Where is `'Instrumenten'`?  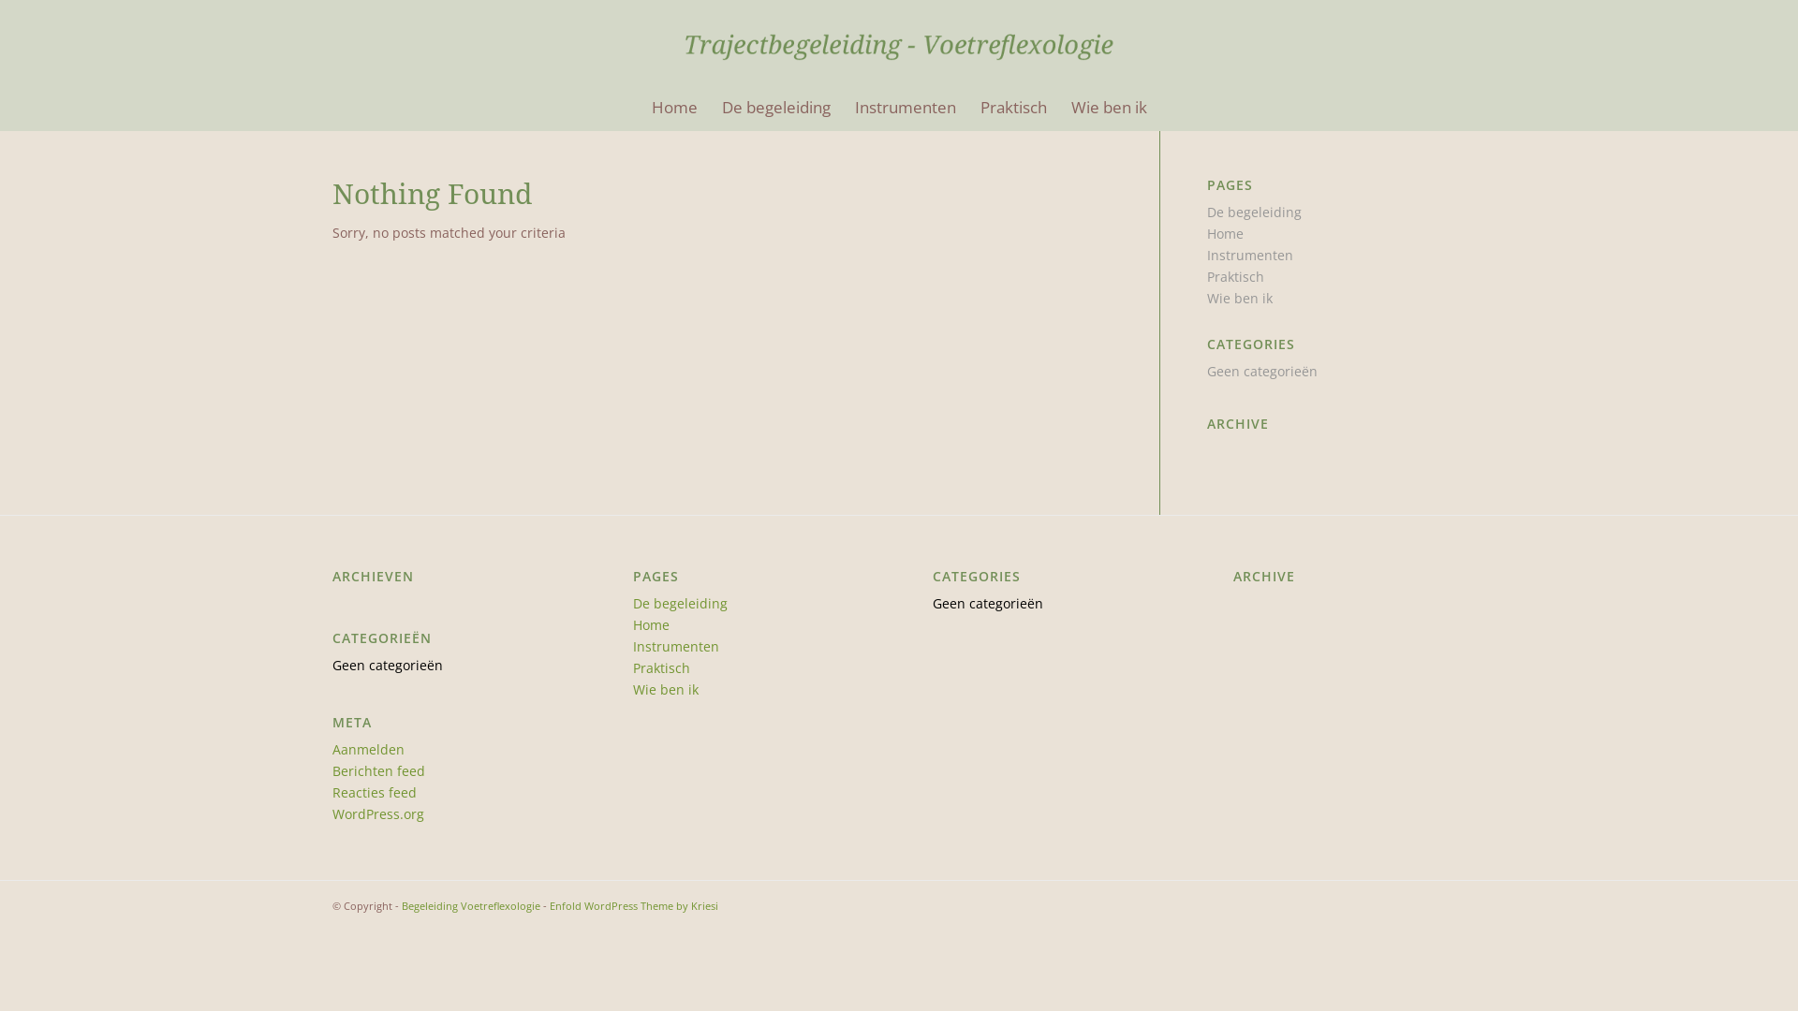 'Instrumenten' is located at coordinates (905, 108).